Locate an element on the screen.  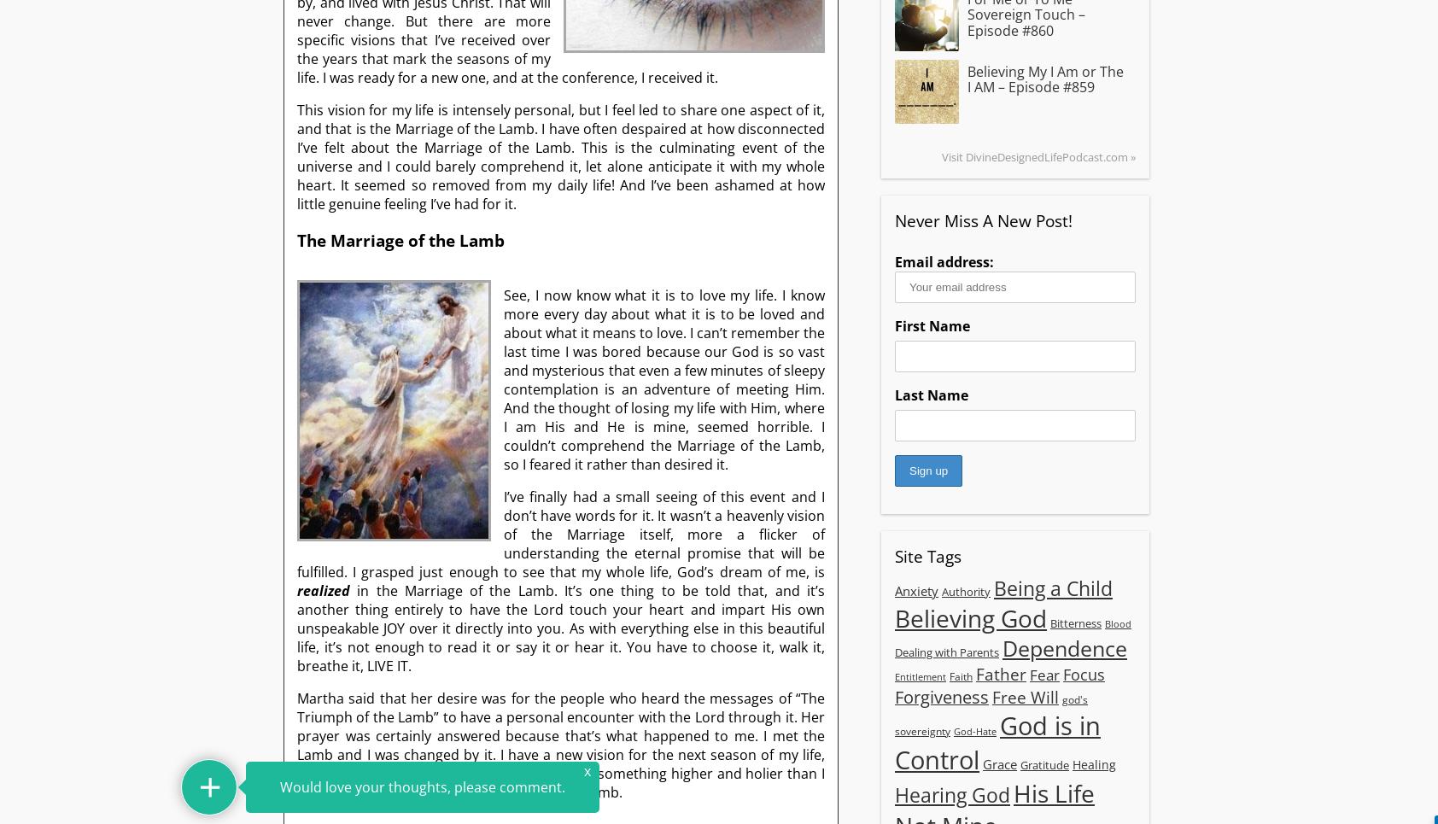
'in the Marriage of the Lamb. It’s one thing to be told that, and it’s another thing entirely to have the Lord touch your heart and impart His own unspeakable JOY over it directly into you. As with everything else in this beautiful life, it’s not enough to read it or say it or hear it. You have to choose it, walk it, breathe it, LIVE IT.' is located at coordinates (560, 628).